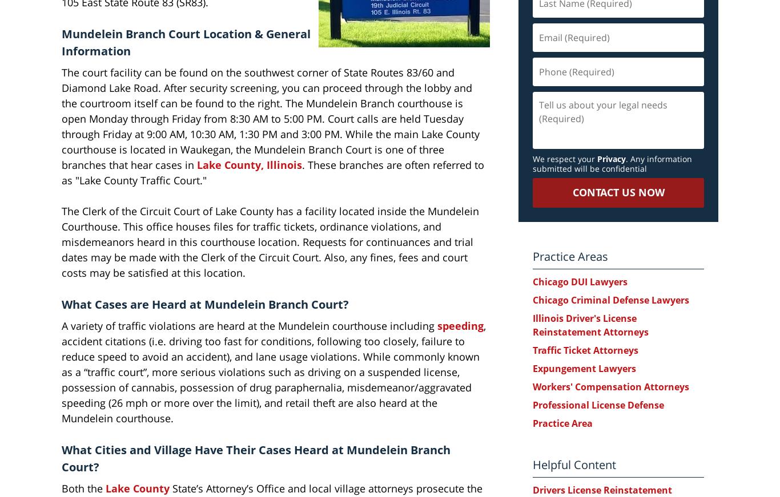 Image resolution: width=780 pixels, height=497 pixels. I want to click on 'Practice Area', so click(562, 422).